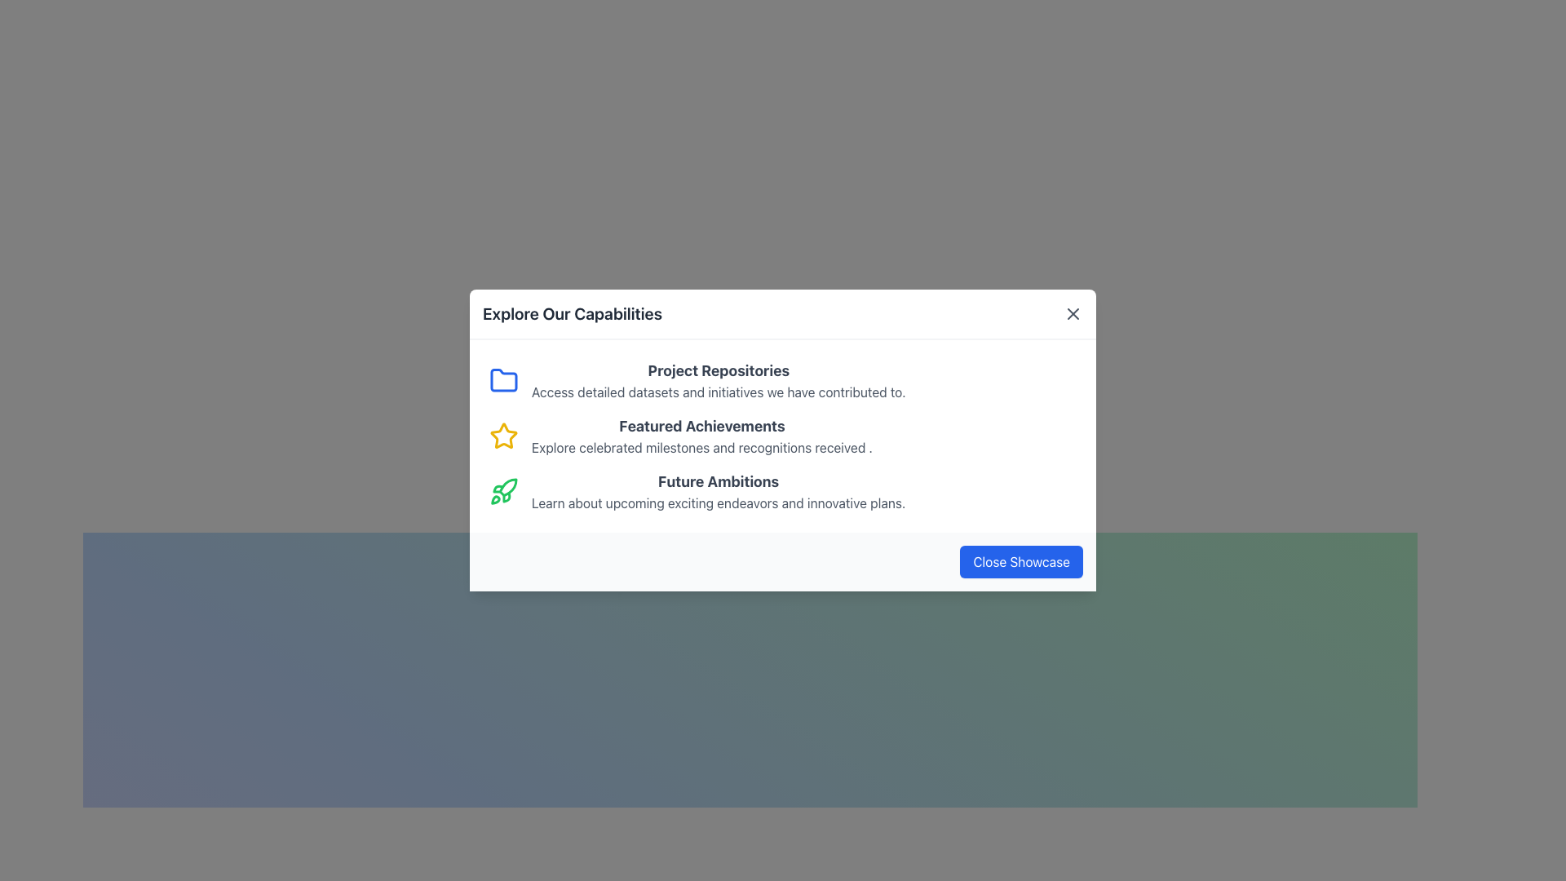 The height and width of the screenshot is (881, 1566). What do you see at coordinates (718, 502) in the screenshot?
I see `descriptive text located below the bold heading 'Future Ambitions' in the modal under 'Explore Our Capabilities'` at bounding box center [718, 502].